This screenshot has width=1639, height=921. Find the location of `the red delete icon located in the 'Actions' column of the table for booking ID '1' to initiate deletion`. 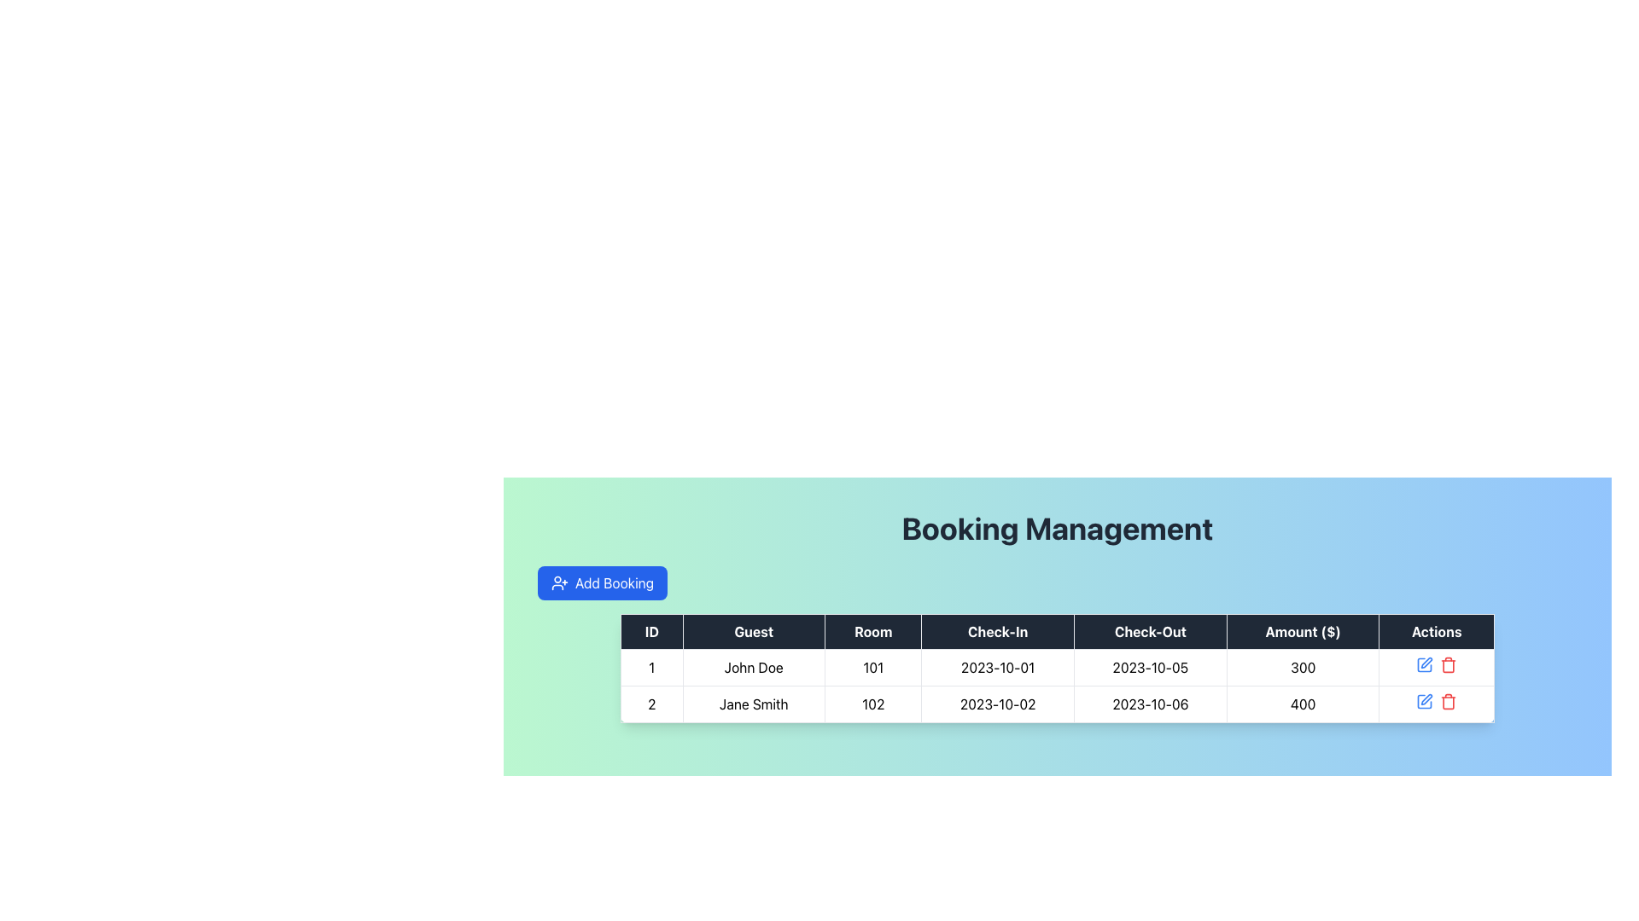

the red delete icon located in the 'Actions' column of the table for booking ID '1' to initiate deletion is located at coordinates (1436, 667).